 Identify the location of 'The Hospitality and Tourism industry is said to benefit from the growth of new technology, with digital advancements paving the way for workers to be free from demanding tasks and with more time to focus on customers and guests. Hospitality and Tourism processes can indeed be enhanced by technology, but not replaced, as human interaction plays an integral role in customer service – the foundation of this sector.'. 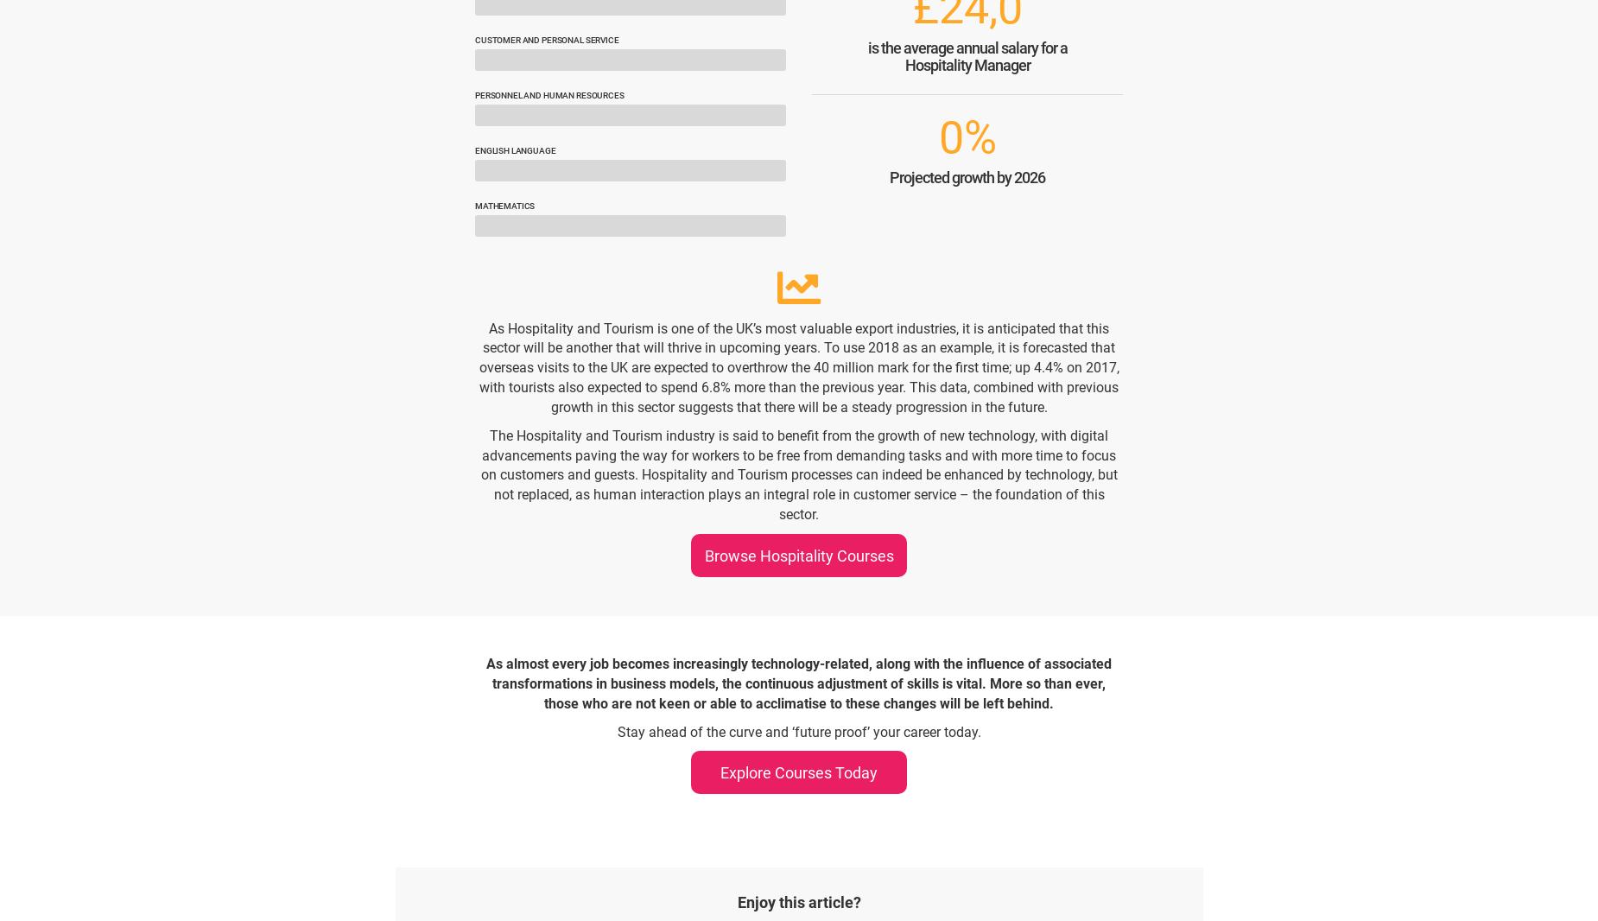
(798, 473).